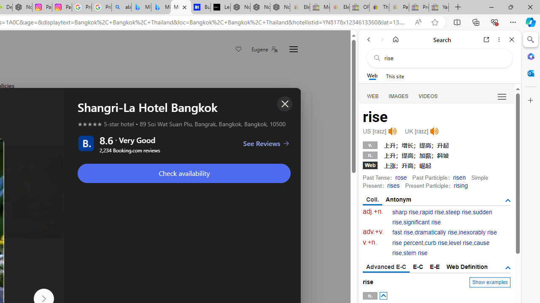 This screenshot has width=540, height=303. I want to click on 'Coll.', so click(372, 200).